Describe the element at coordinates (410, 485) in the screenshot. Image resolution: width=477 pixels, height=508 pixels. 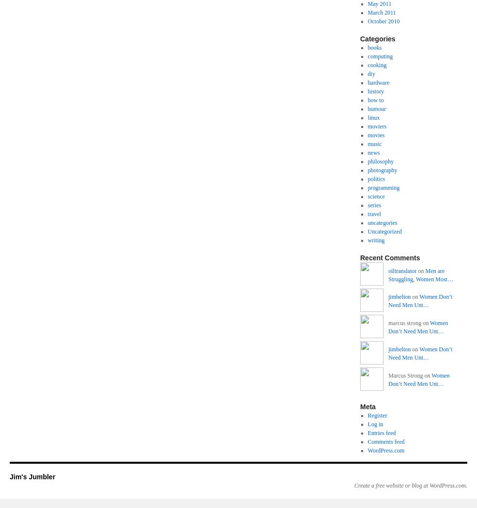
I see `'Create a free website or blog at WordPress.com.'` at that location.